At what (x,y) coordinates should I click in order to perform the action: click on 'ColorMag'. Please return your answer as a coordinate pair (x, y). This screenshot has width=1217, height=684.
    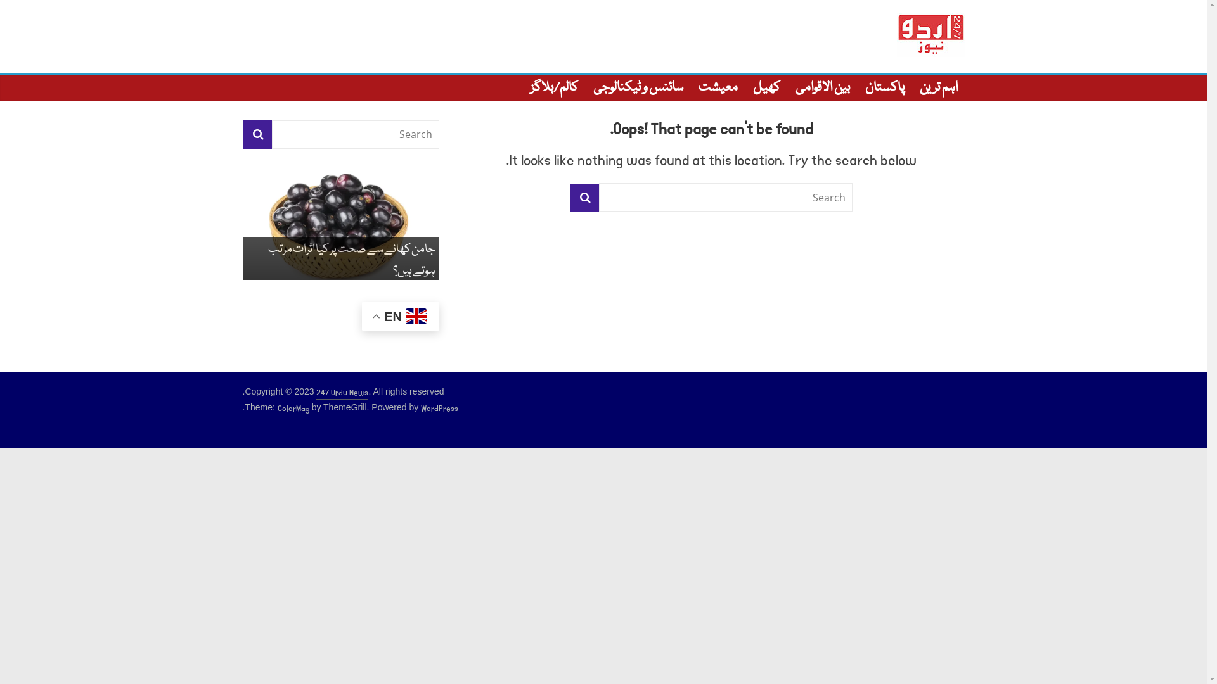
    Looking at the image, I should click on (276, 408).